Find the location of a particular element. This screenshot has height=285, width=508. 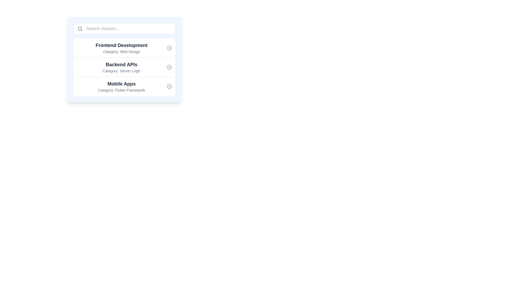

the SVG circle element that is part of the arrow-like icon located to the right of the 'Backend APIs' row is located at coordinates (169, 67).